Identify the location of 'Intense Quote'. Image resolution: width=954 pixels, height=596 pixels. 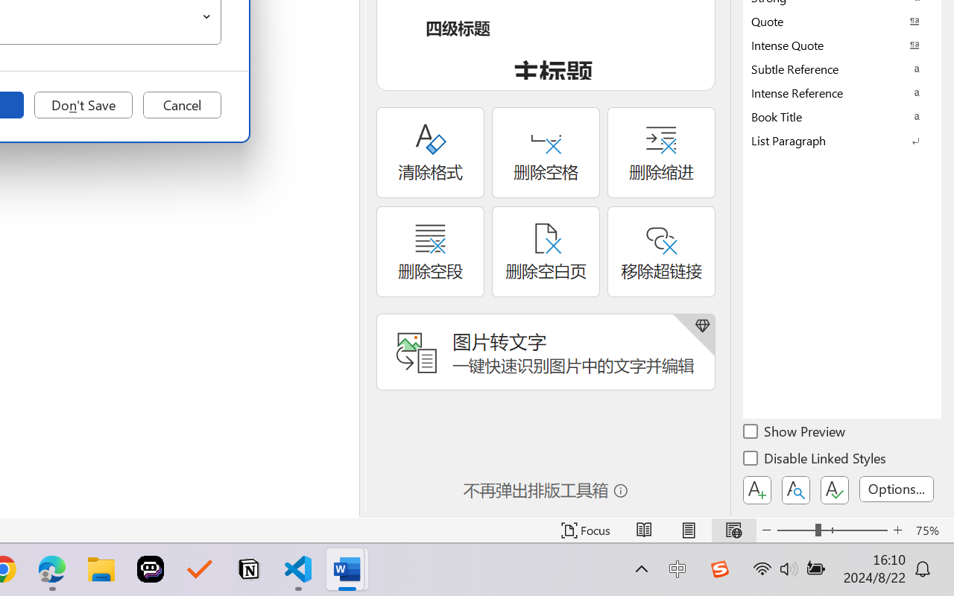
(842, 44).